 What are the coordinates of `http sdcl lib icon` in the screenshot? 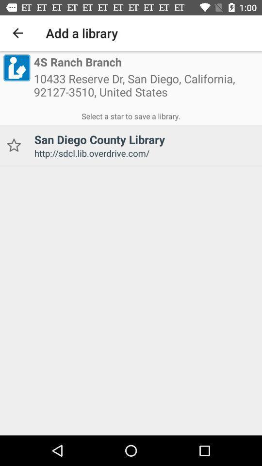 It's located at (144, 153).